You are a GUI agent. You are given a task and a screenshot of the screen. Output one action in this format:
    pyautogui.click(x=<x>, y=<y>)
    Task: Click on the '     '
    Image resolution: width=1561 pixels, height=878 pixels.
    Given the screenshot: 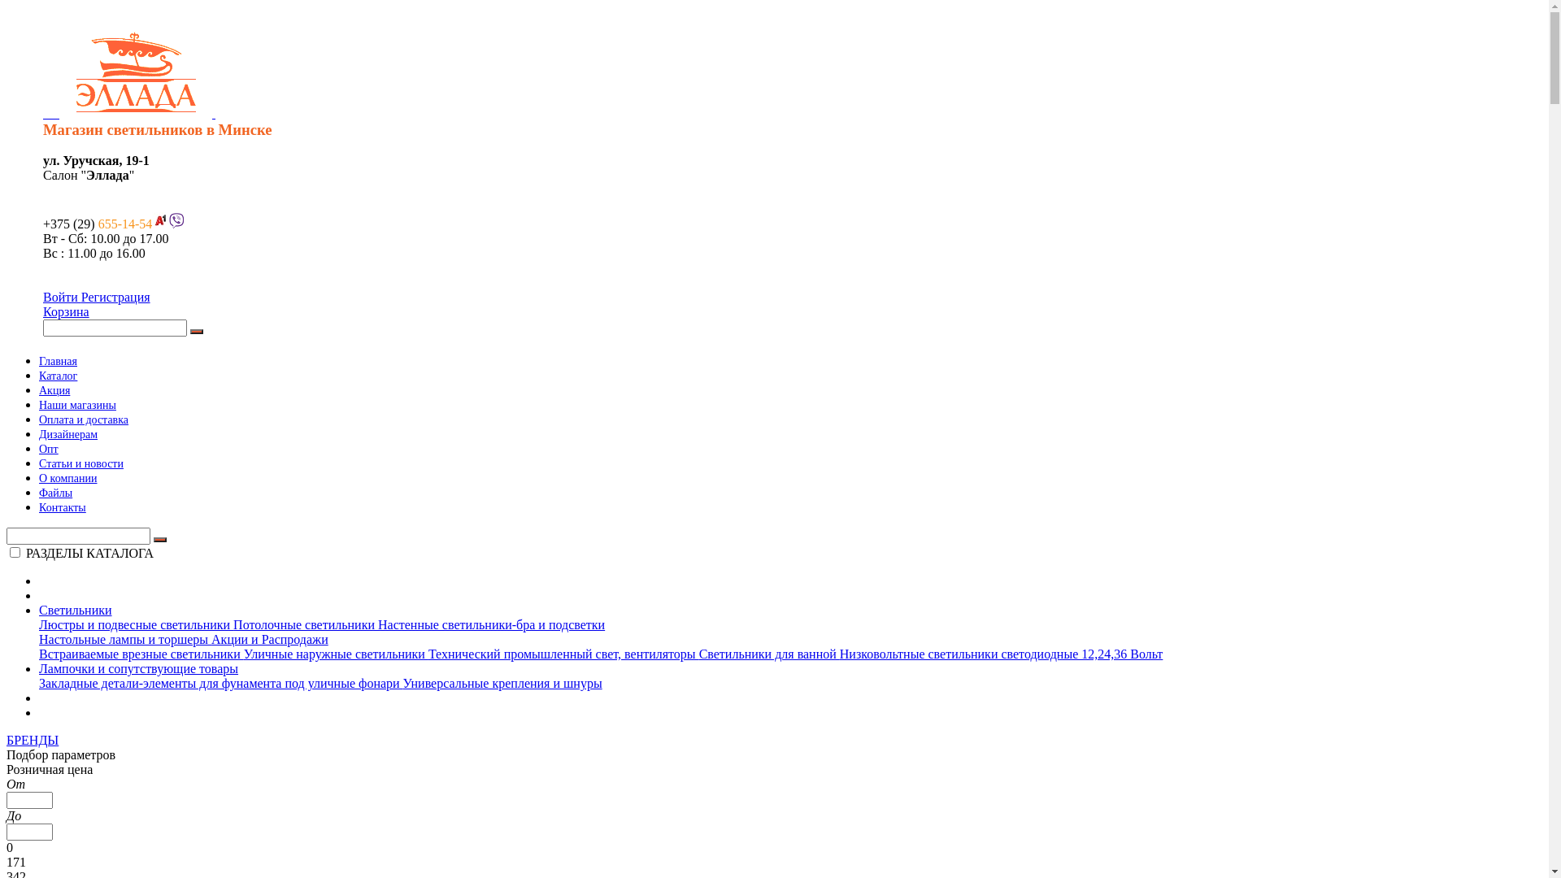 What is the action you would take?
    pyautogui.click(x=128, y=160)
    